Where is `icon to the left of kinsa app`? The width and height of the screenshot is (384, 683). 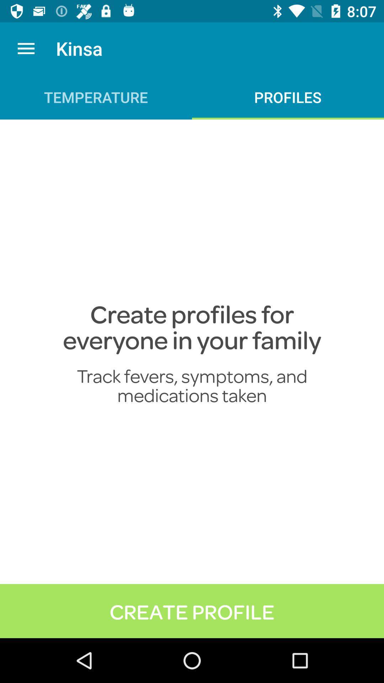 icon to the left of kinsa app is located at coordinates (26, 48).